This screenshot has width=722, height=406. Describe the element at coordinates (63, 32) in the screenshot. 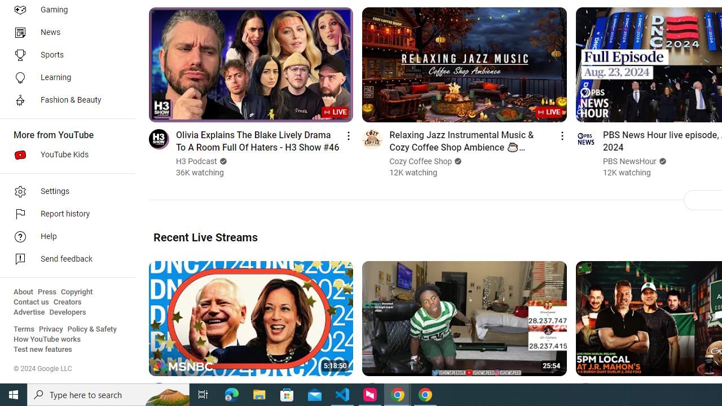

I see `'News'` at that location.